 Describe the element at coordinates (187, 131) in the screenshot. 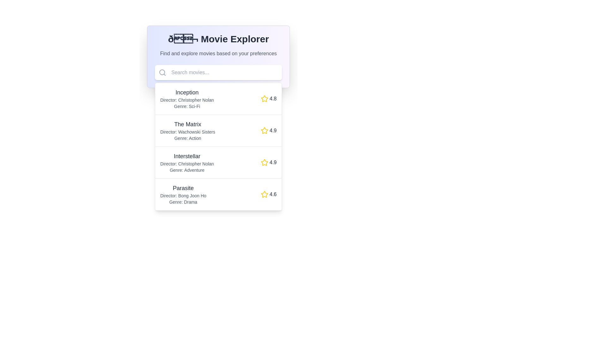

I see `the static text providing information about the director of the movie 'The Matrix', located below the movie title and above the 'Genre: Action' text in the second entry of the movie list` at that location.